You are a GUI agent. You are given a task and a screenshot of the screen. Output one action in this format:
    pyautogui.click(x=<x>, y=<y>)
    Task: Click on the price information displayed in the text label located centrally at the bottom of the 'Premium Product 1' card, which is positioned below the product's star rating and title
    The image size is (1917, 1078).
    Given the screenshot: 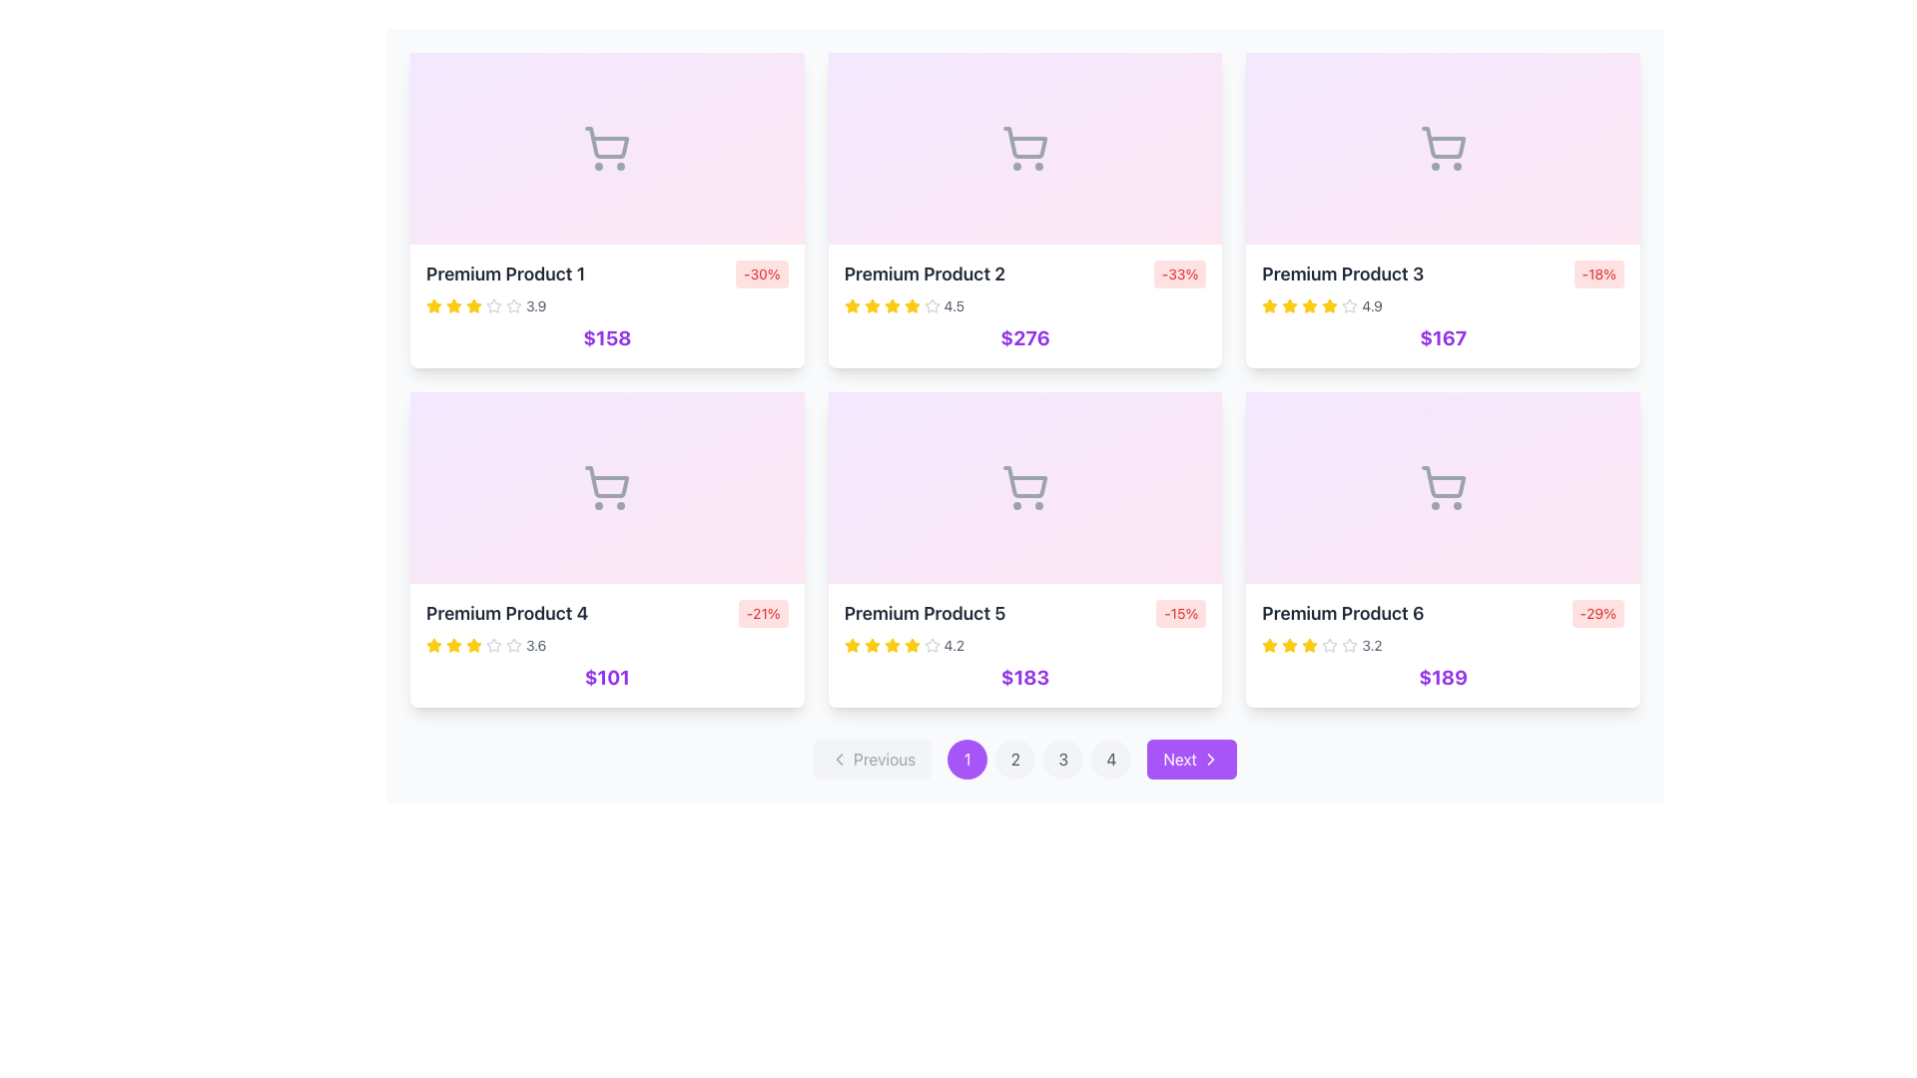 What is the action you would take?
    pyautogui.click(x=606, y=337)
    